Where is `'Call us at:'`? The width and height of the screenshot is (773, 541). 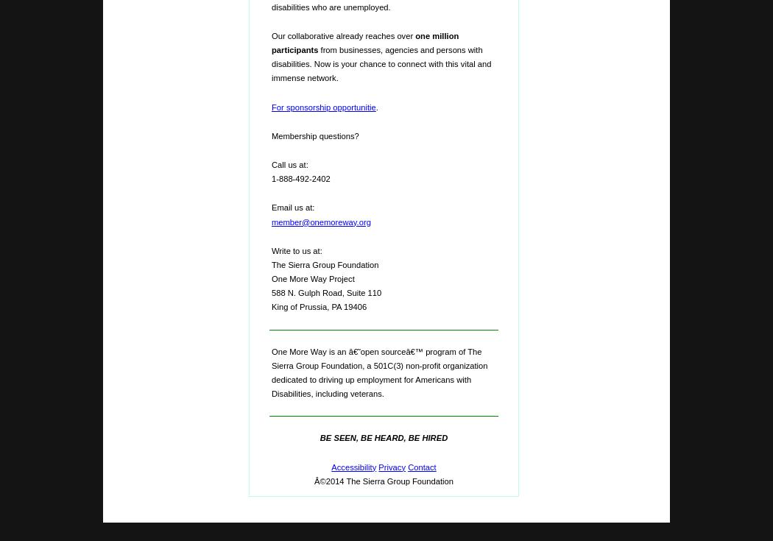
'Call us at:' is located at coordinates (289, 163).